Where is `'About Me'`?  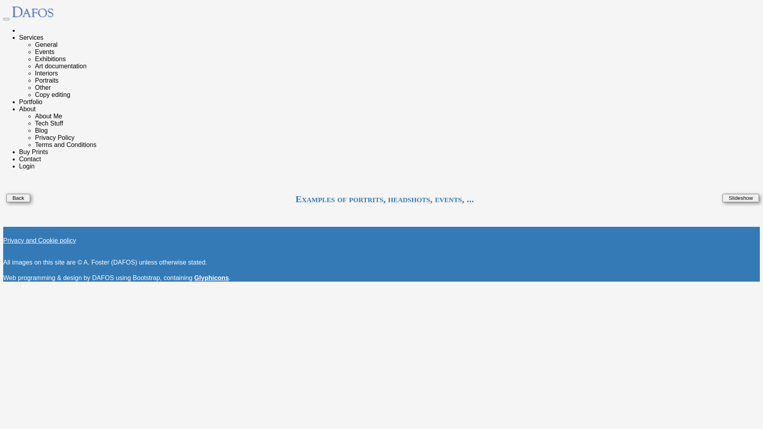
'About Me' is located at coordinates (48, 116).